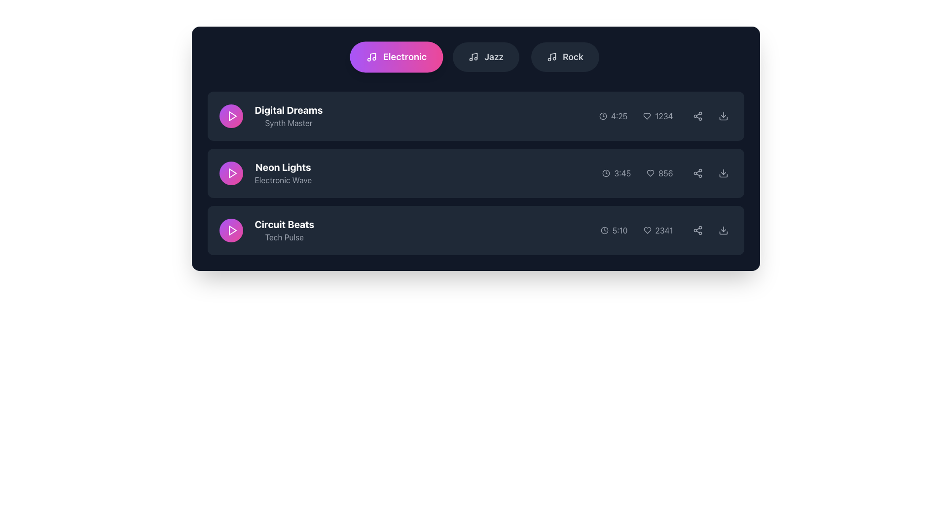 This screenshot has height=532, width=947. I want to click on the download icon button, which is a round gray button with a downward-facing arrow, located at the far-right end of the first track in the playlist interface, so click(723, 115).